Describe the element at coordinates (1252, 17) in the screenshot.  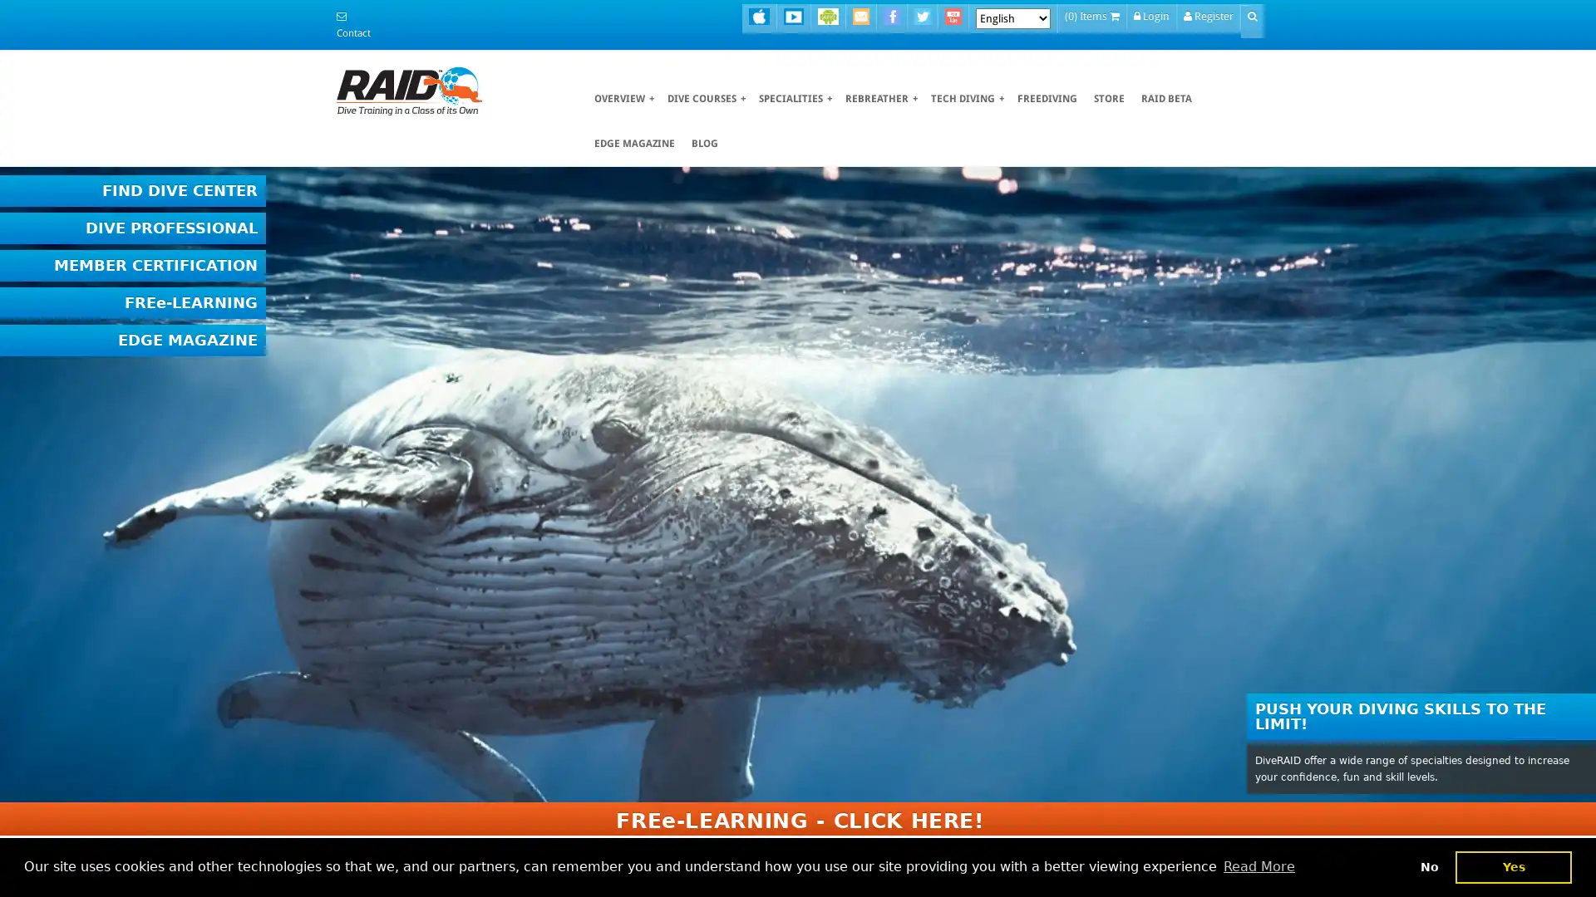
I see `Go` at that location.